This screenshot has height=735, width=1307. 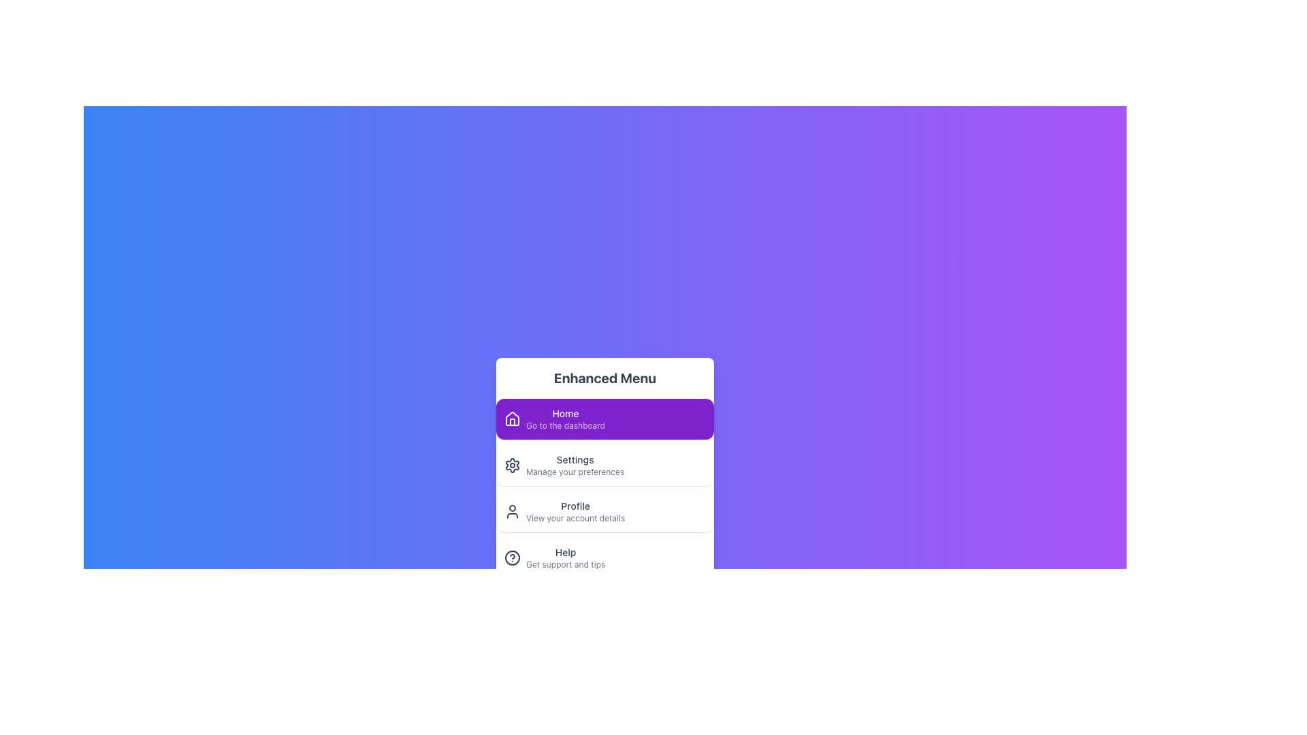 I want to click on the 'Home' icon in the menu, which is the leading icon of the 'Home' button that navigates to the dashboard, so click(x=512, y=419).